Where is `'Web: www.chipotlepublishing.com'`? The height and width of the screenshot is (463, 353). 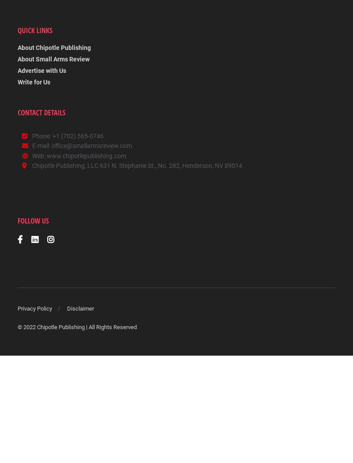
'Web: www.chipotlepublishing.com' is located at coordinates (78, 156).